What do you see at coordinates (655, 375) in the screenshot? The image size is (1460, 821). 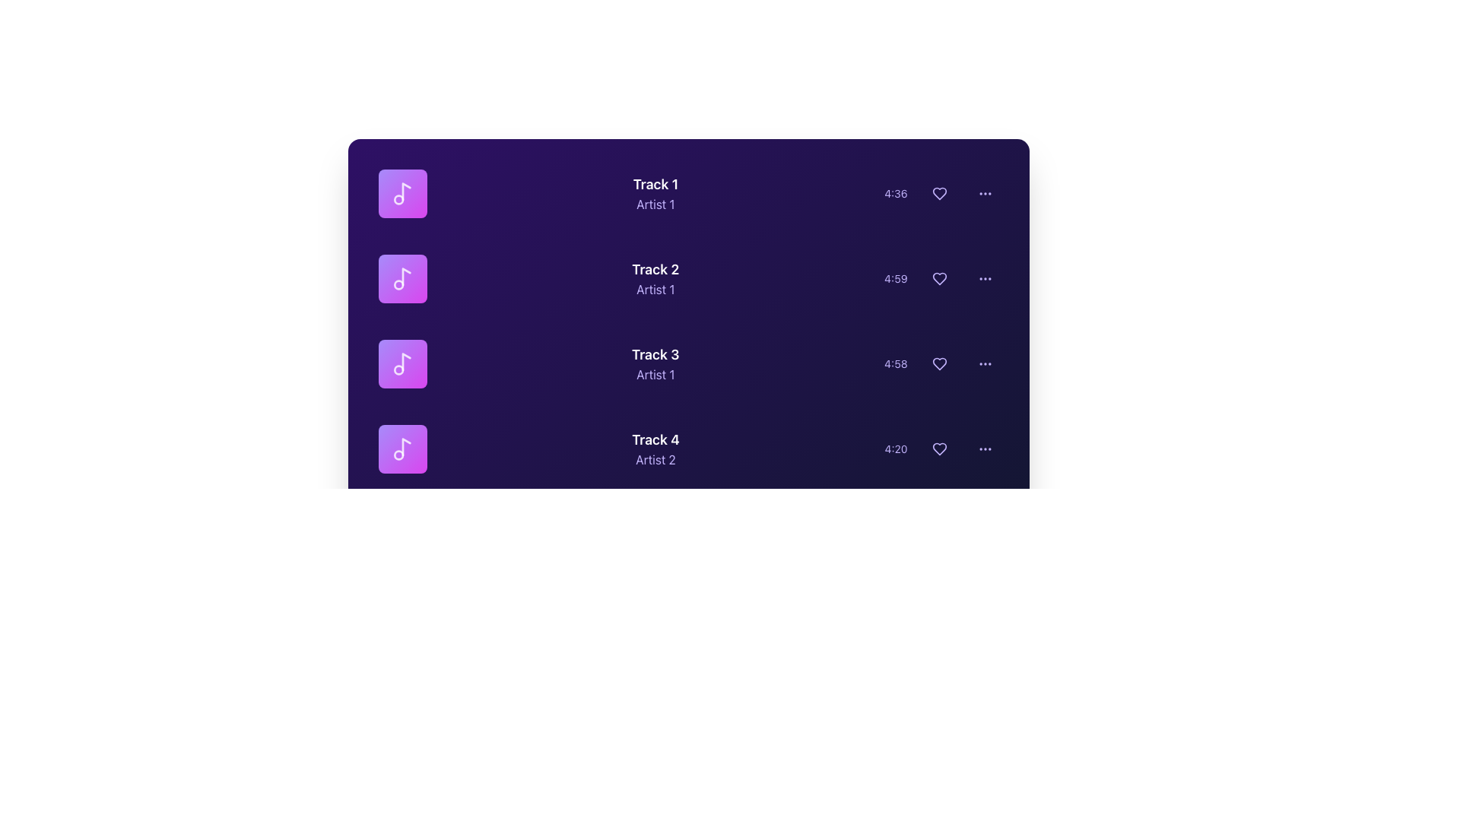 I see `the text label displaying 'Artist 1', which is styled in purple and located directly under 'Track 3' in the track list` at bounding box center [655, 375].